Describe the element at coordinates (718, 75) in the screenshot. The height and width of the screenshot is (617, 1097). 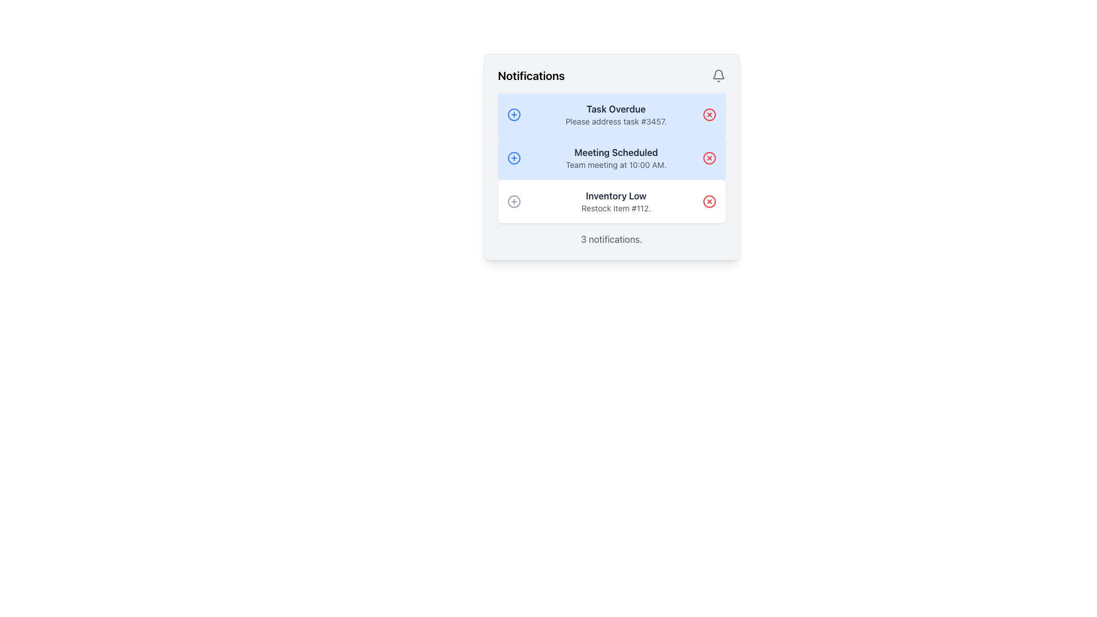
I see `the bell icon in the notifications section, which indicates notifications and is located to the right of the 'Notifications' label` at that location.